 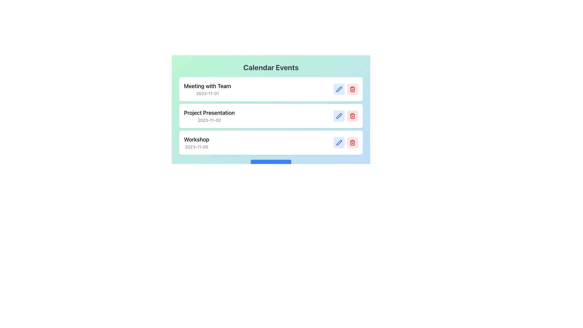 What do you see at coordinates (339, 89) in the screenshot?
I see `the edit icon located to the right of the 'Meeting with Team' text in the first row of the calendar` at bounding box center [339, 89].